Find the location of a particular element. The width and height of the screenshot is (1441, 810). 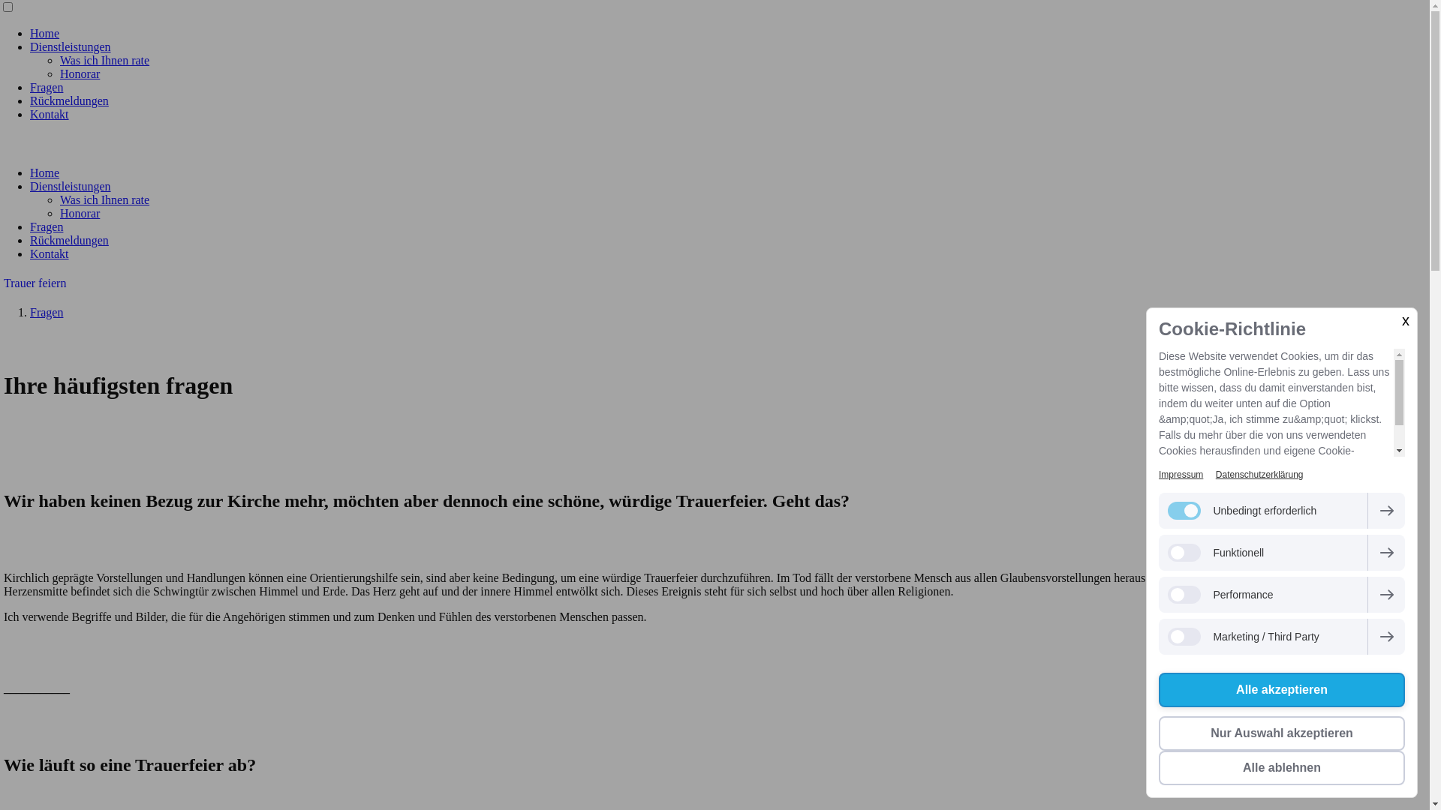

'Fragen' is located at coordinates (47, 87).